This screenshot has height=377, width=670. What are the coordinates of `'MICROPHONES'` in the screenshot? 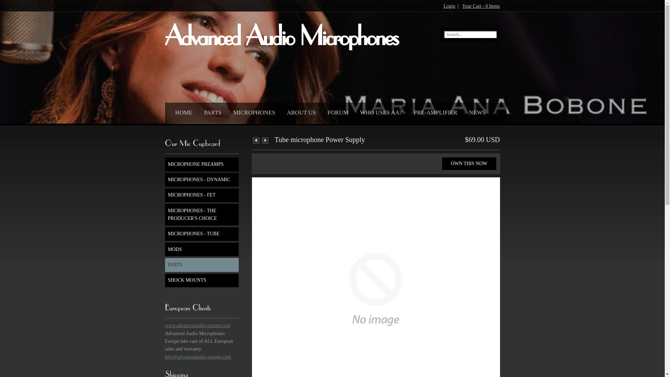 It's located at (252, 111).